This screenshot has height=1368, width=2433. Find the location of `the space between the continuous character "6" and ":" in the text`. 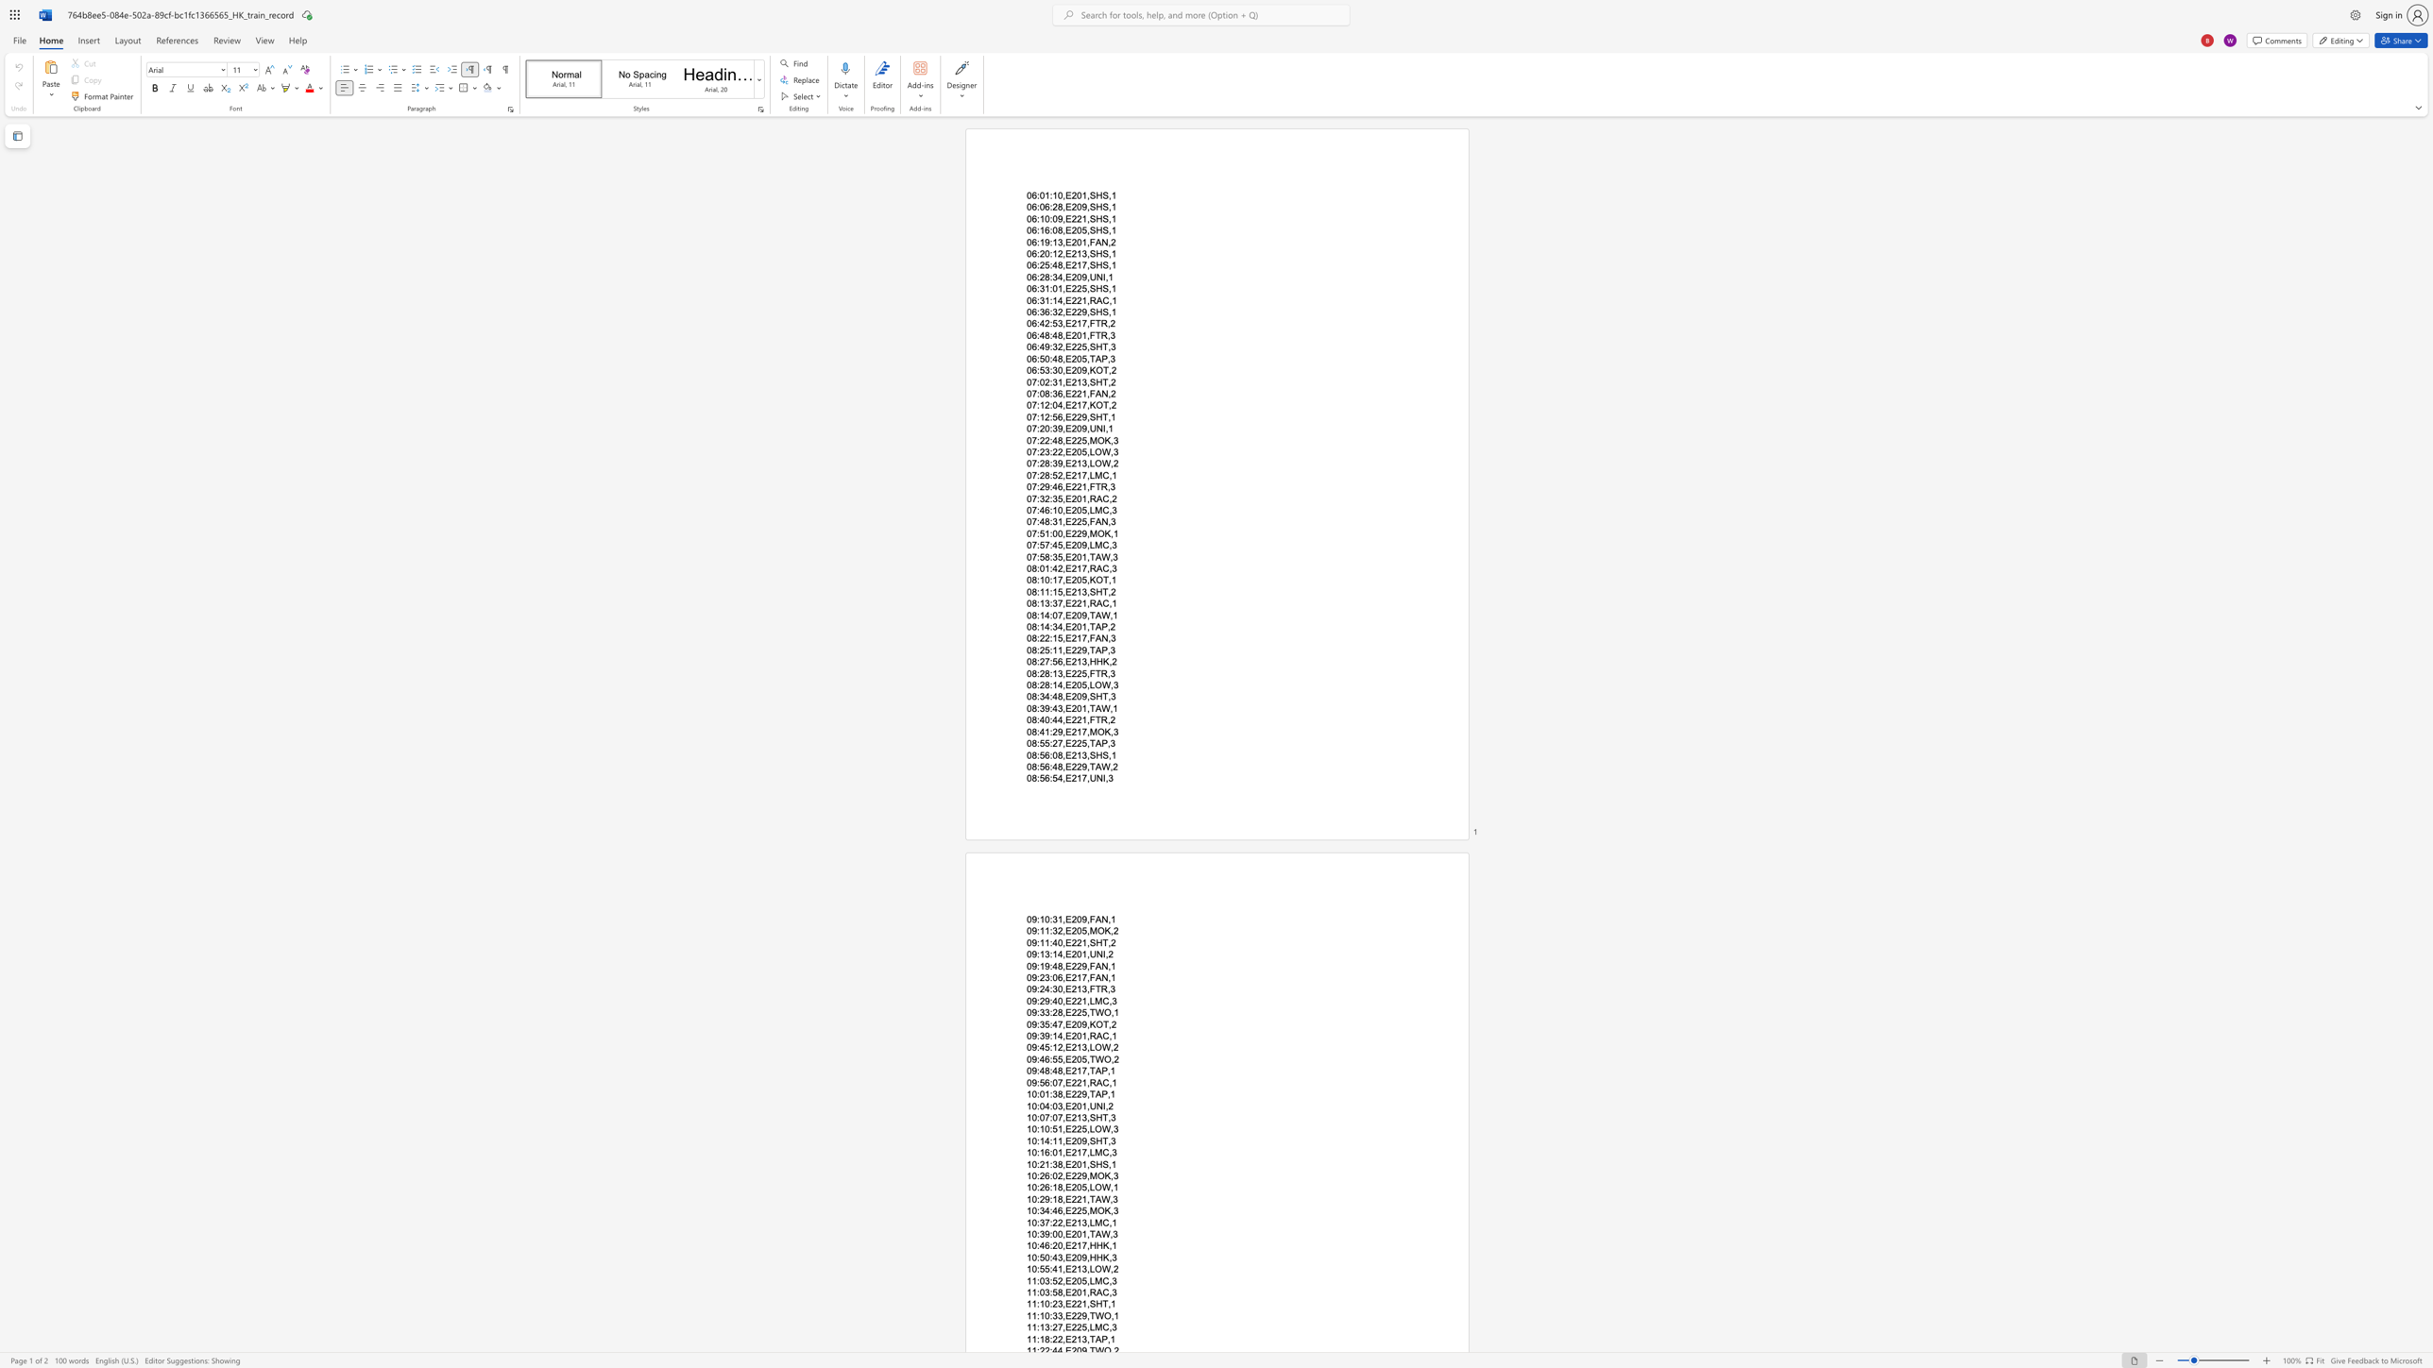

the space between the continuous character "6" and ":" in the text is located at coordinates (1049, 1174).